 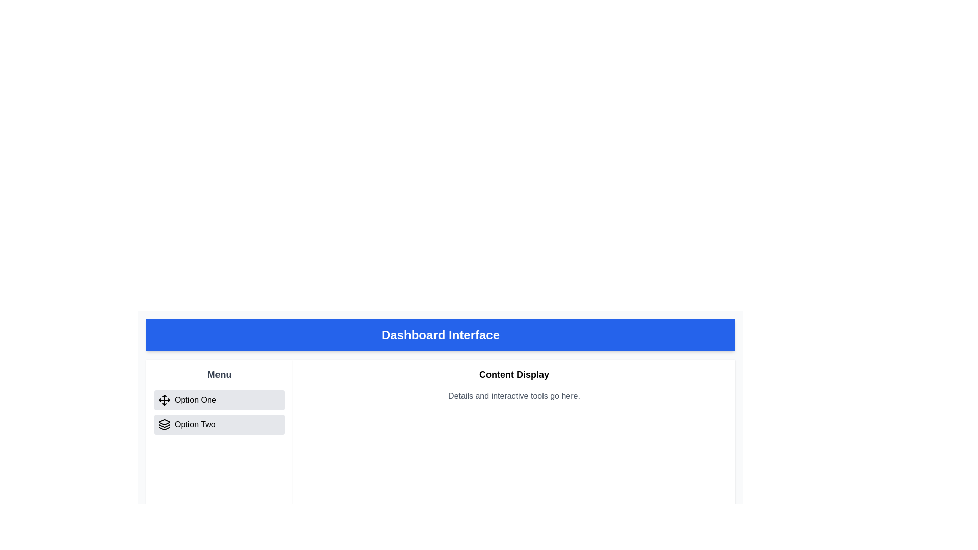 What do you see at coordinates (440, 335) in the screenshot?
I see `the Static Banner with a blue background and white text stating 'Dashboard Interface', which is centrally aligned at the top of the interface` at bounding box center [440, 335].